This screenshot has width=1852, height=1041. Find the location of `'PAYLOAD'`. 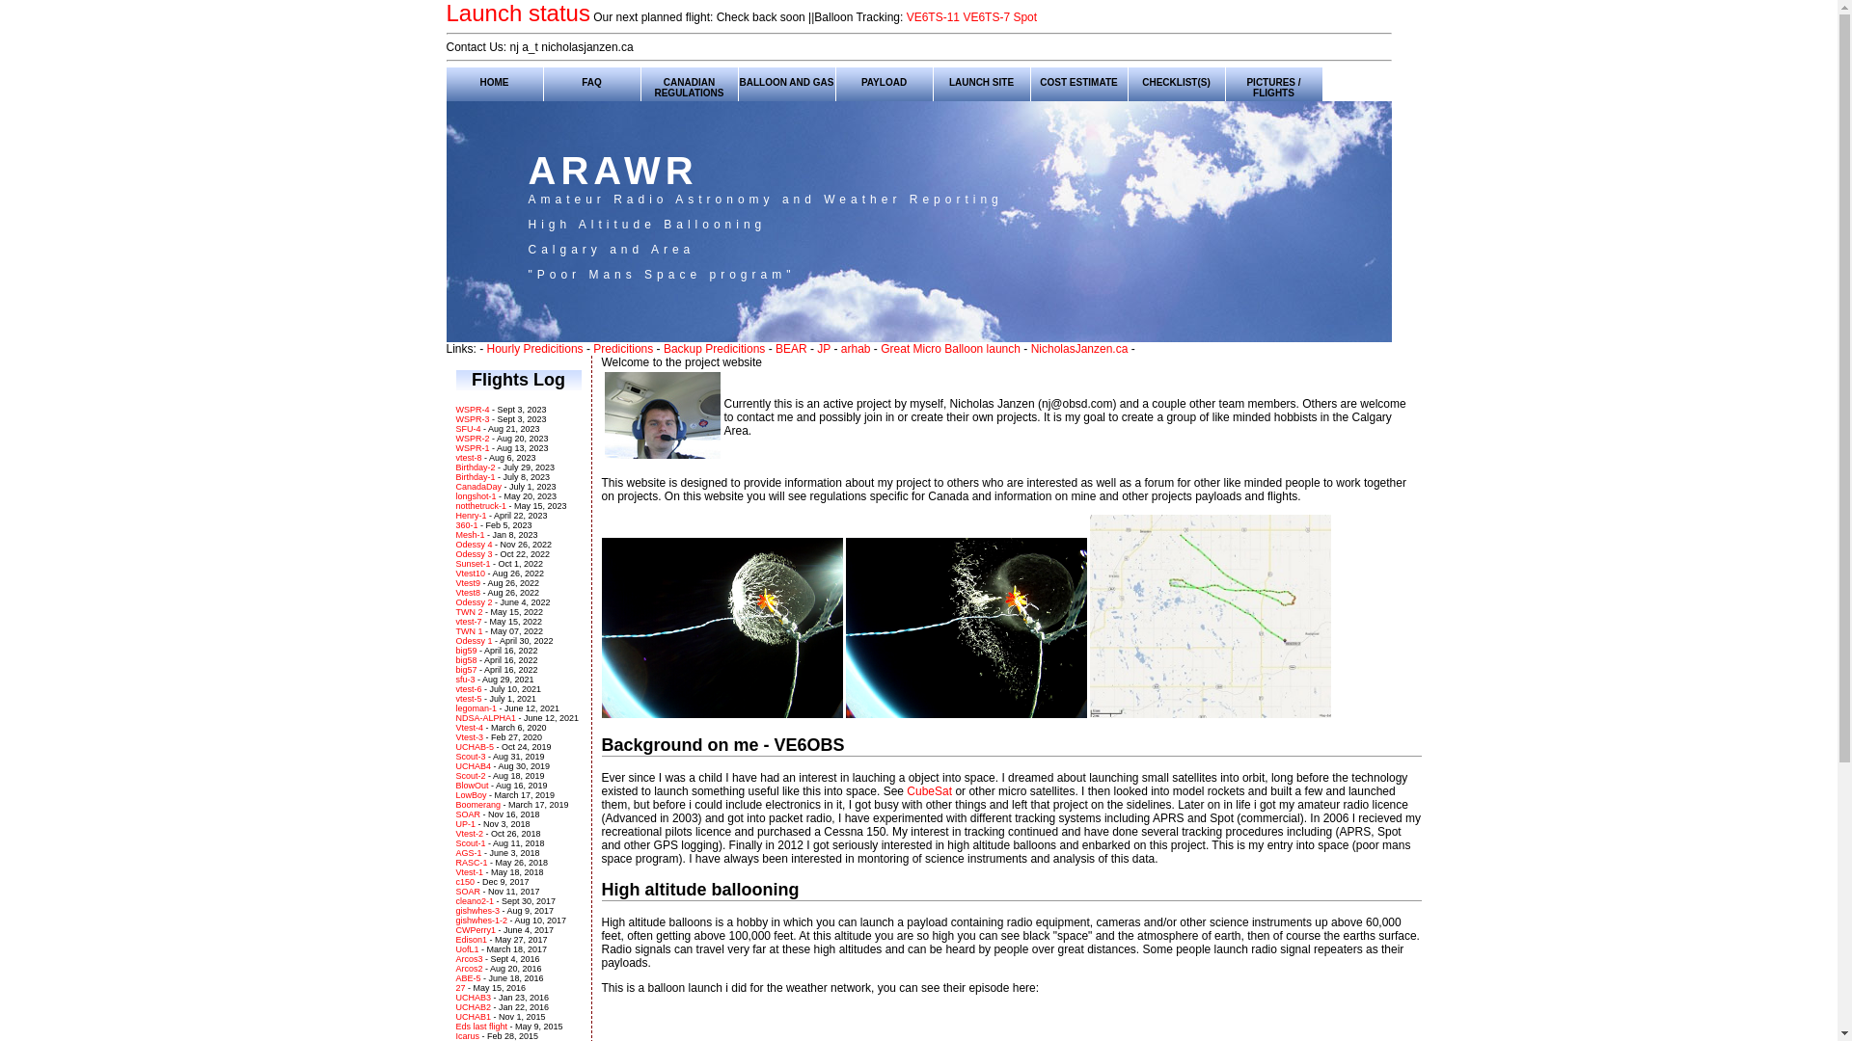

'PAYLOAD' is located at coordinates (883, 80).